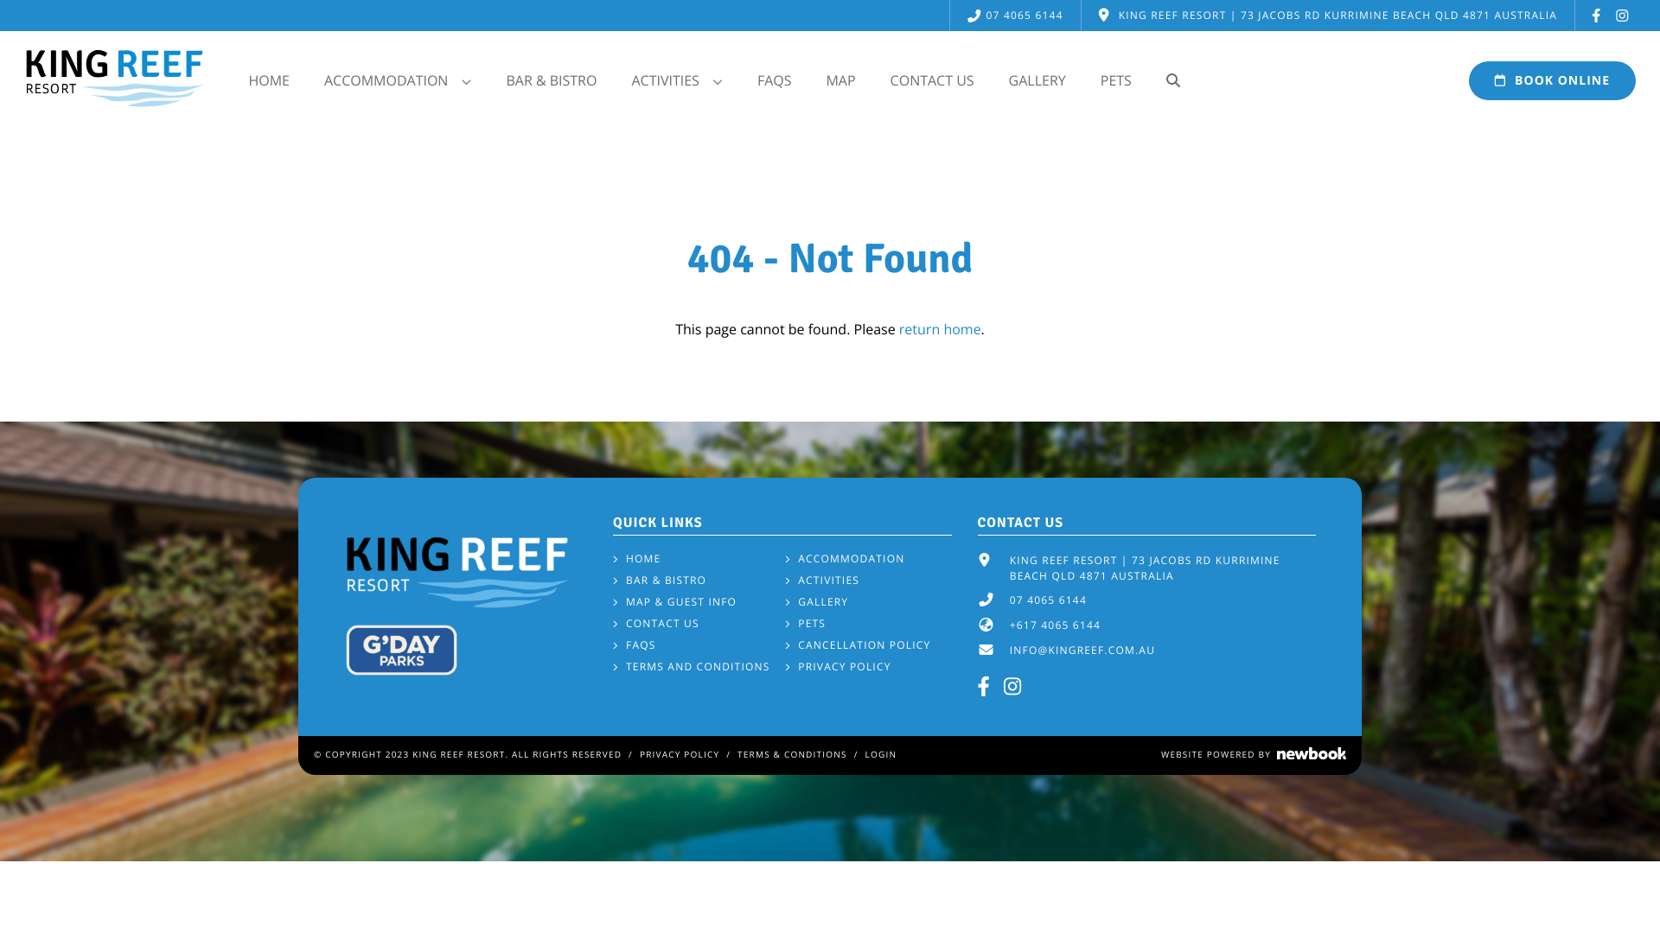 The height and width of the screenshot is (933, 1660). I want to click on 'GALLERY', so click(1037, 79).